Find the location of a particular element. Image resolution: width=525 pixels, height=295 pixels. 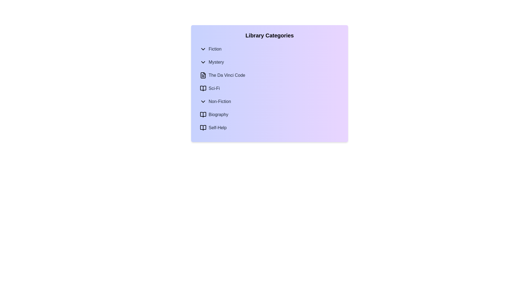

to select the 'Biography' category menu item, which is the second item beneath the 'Non-Fiction' category in the 'Library Categories' list is located at coordinates (269, 114).